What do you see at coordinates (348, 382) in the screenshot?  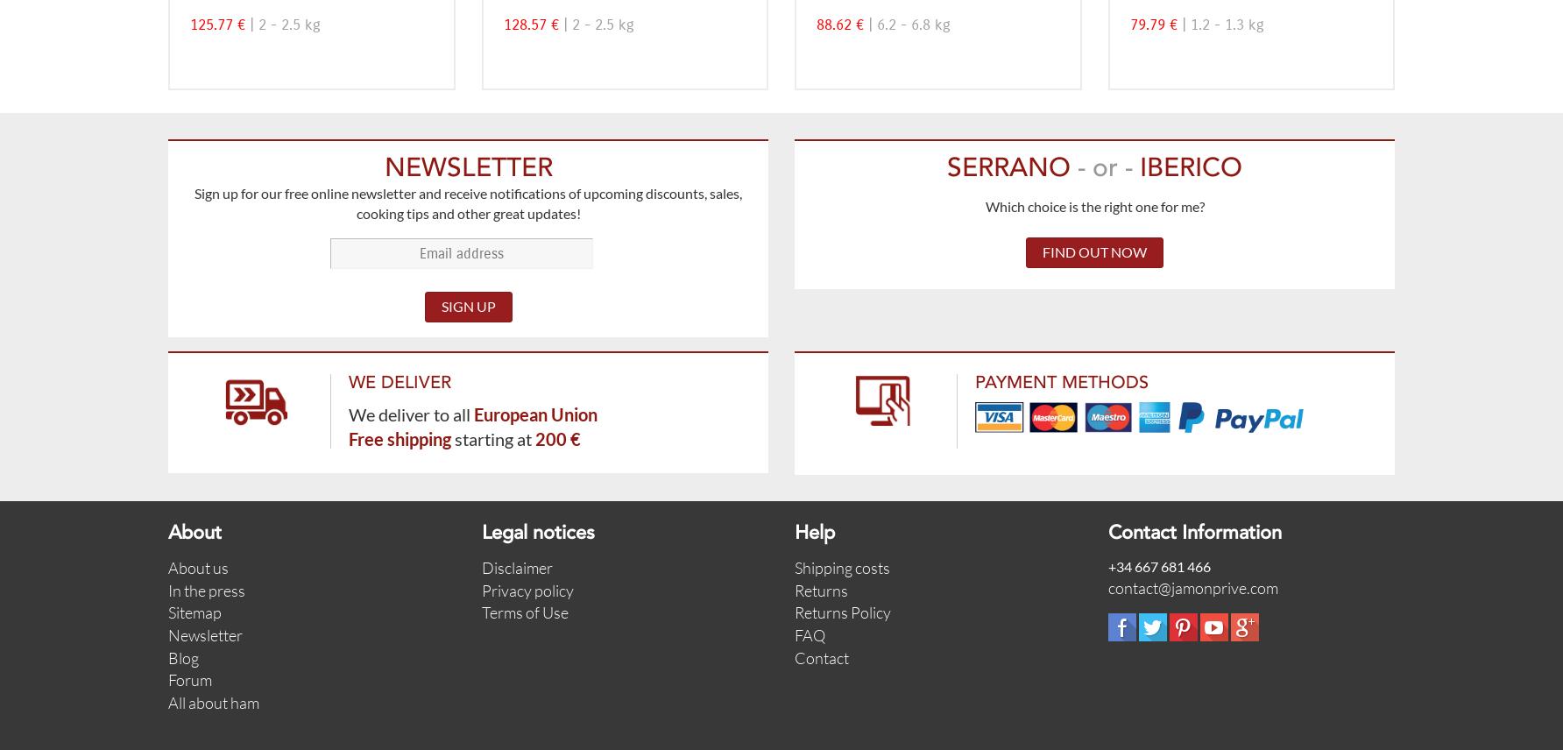 I see `'WE DELIVER'` at bounding box center [348, 382].